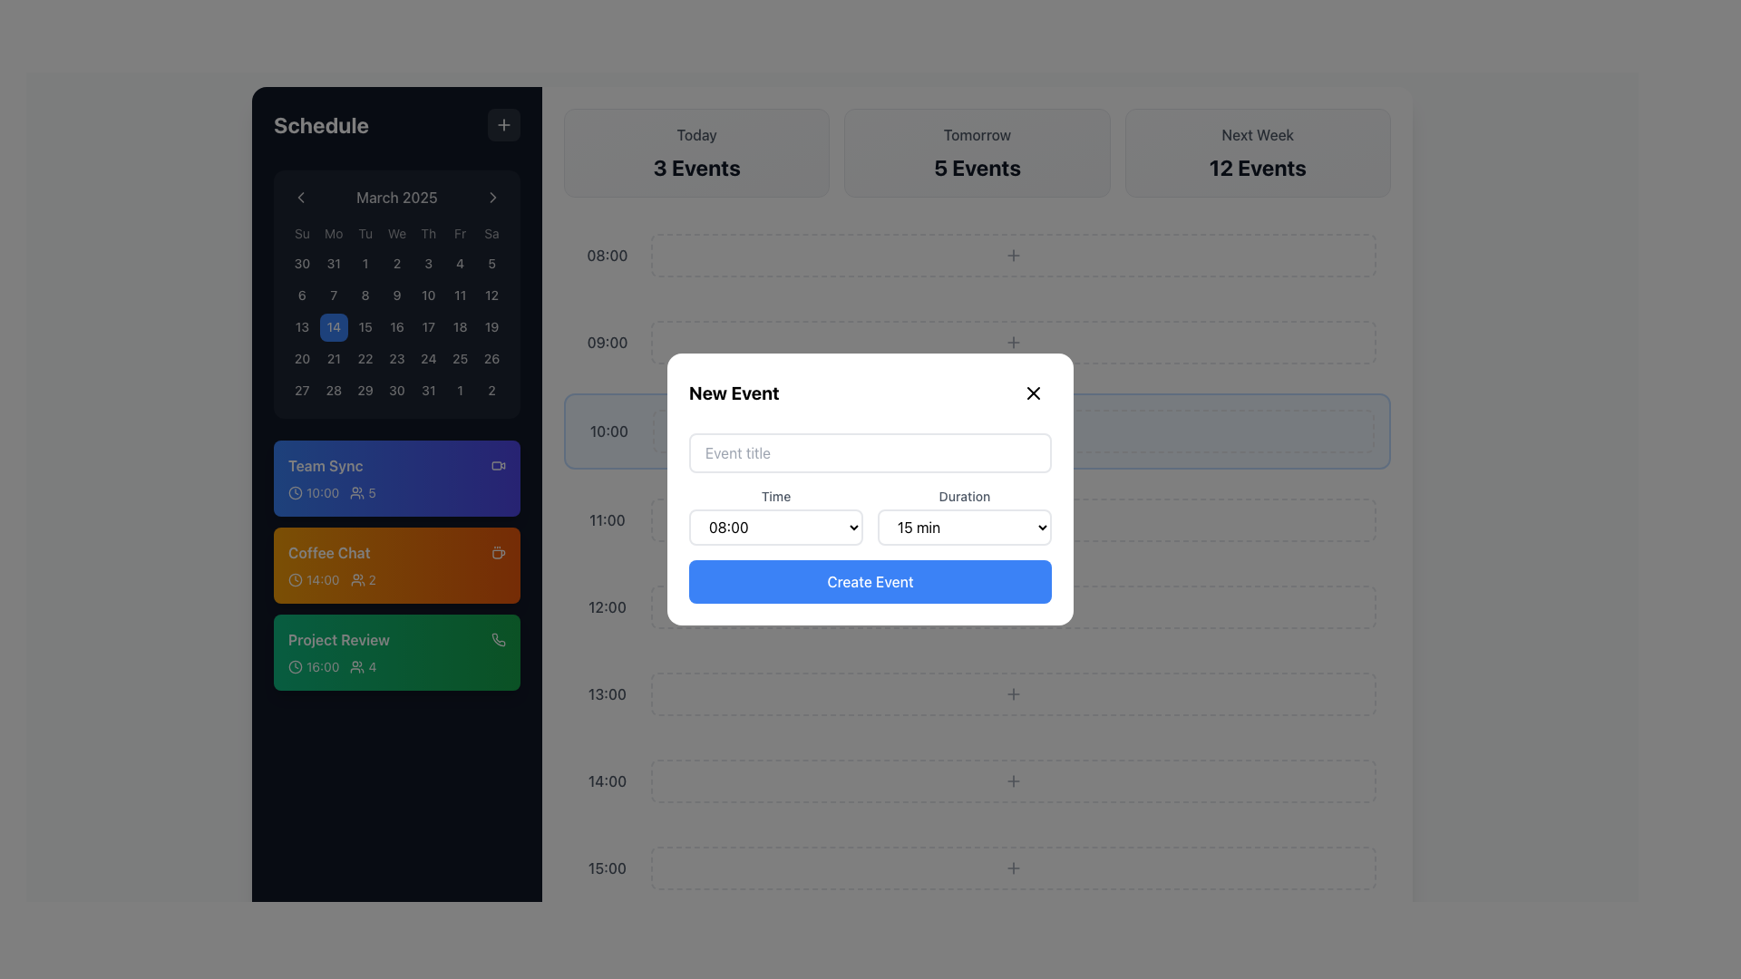  What do you see at coordinates (365, 359) in the screenshot?
I see `the square button with rounded edges displaying the number '22' in a calendar interface located in the fourth row, third column` at bounding box center [365, 359].